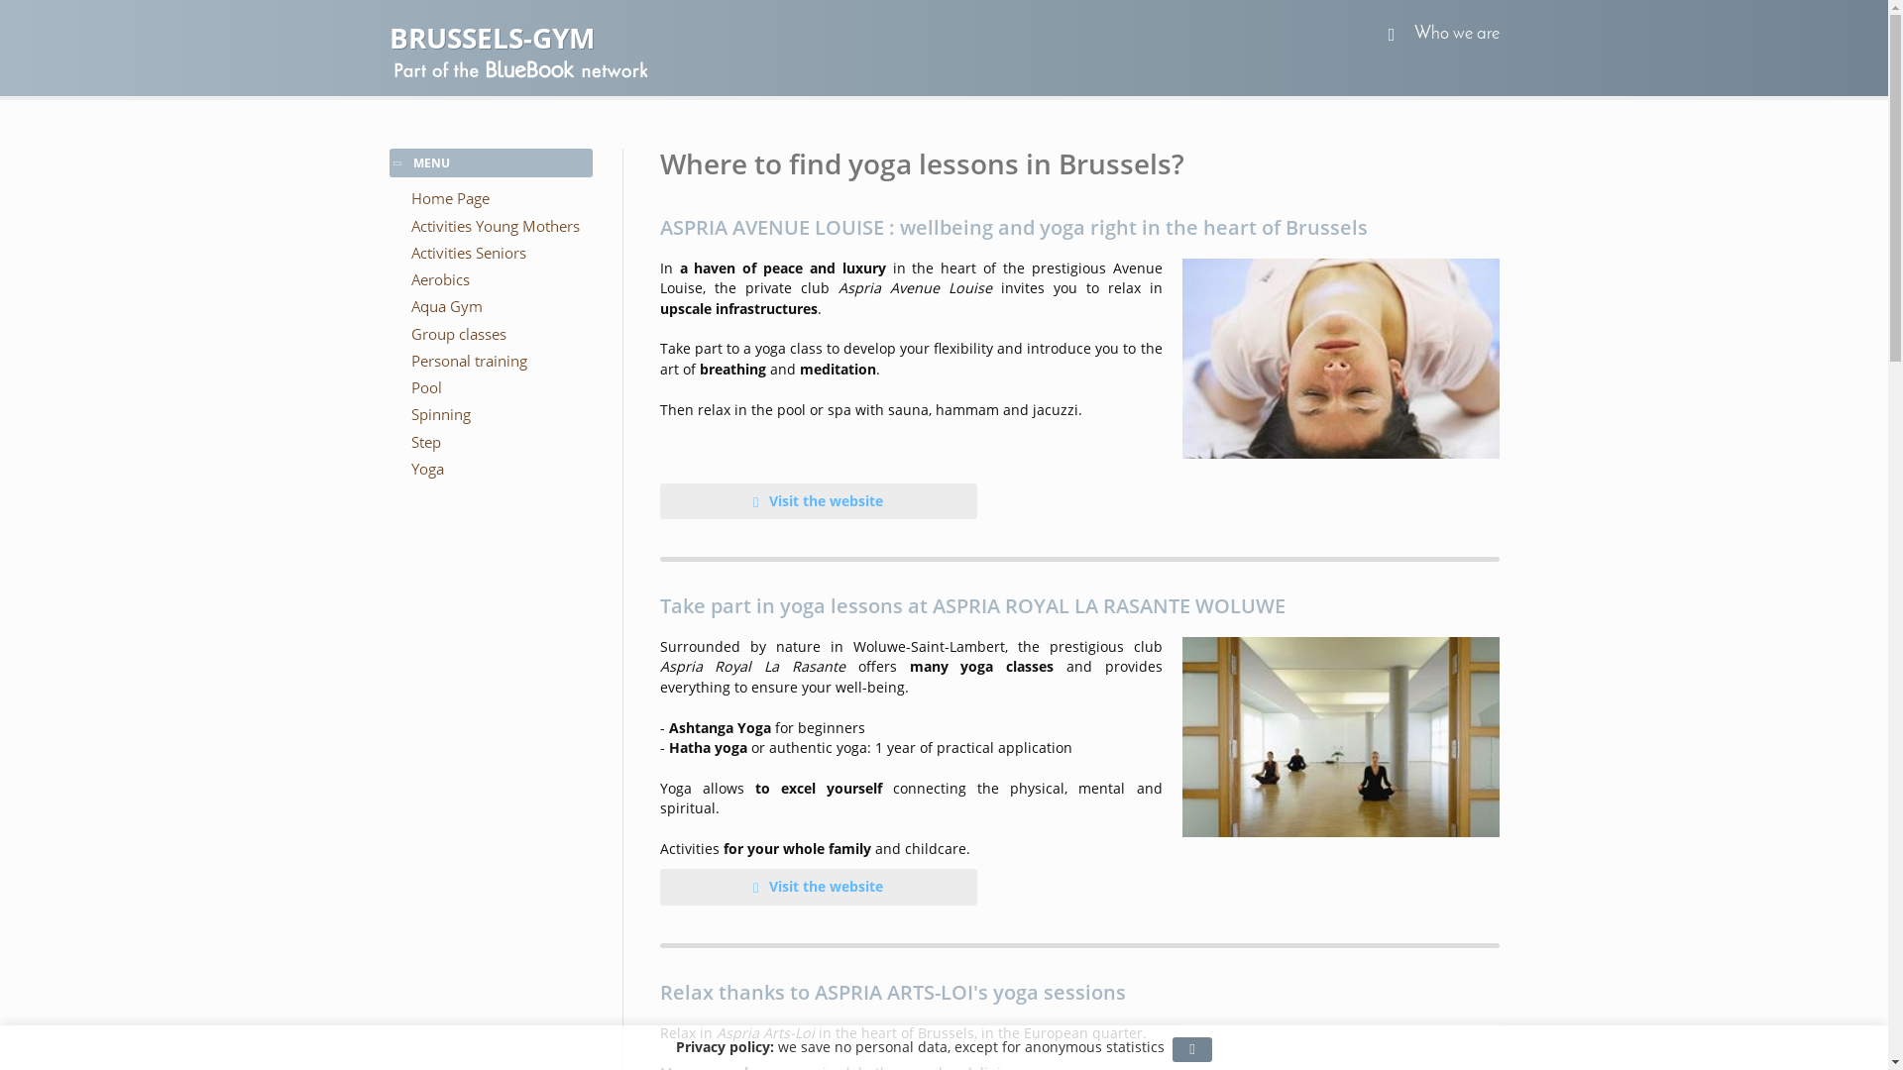 The width and height of the screenshot is (1903, 1070). What do you see at coordinates (1340, 737) in the screenshot?
I see `'Discover the club here !'` at bounding box center [1340, 737].